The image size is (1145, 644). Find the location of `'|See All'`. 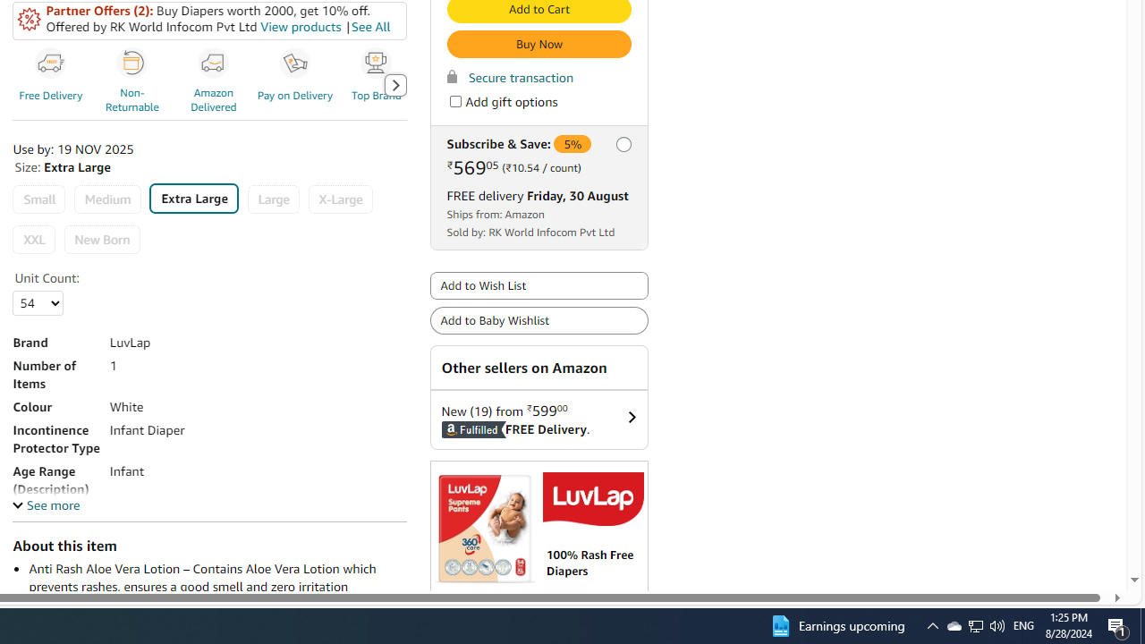

'|See All' is located at coordinates (366, 27).